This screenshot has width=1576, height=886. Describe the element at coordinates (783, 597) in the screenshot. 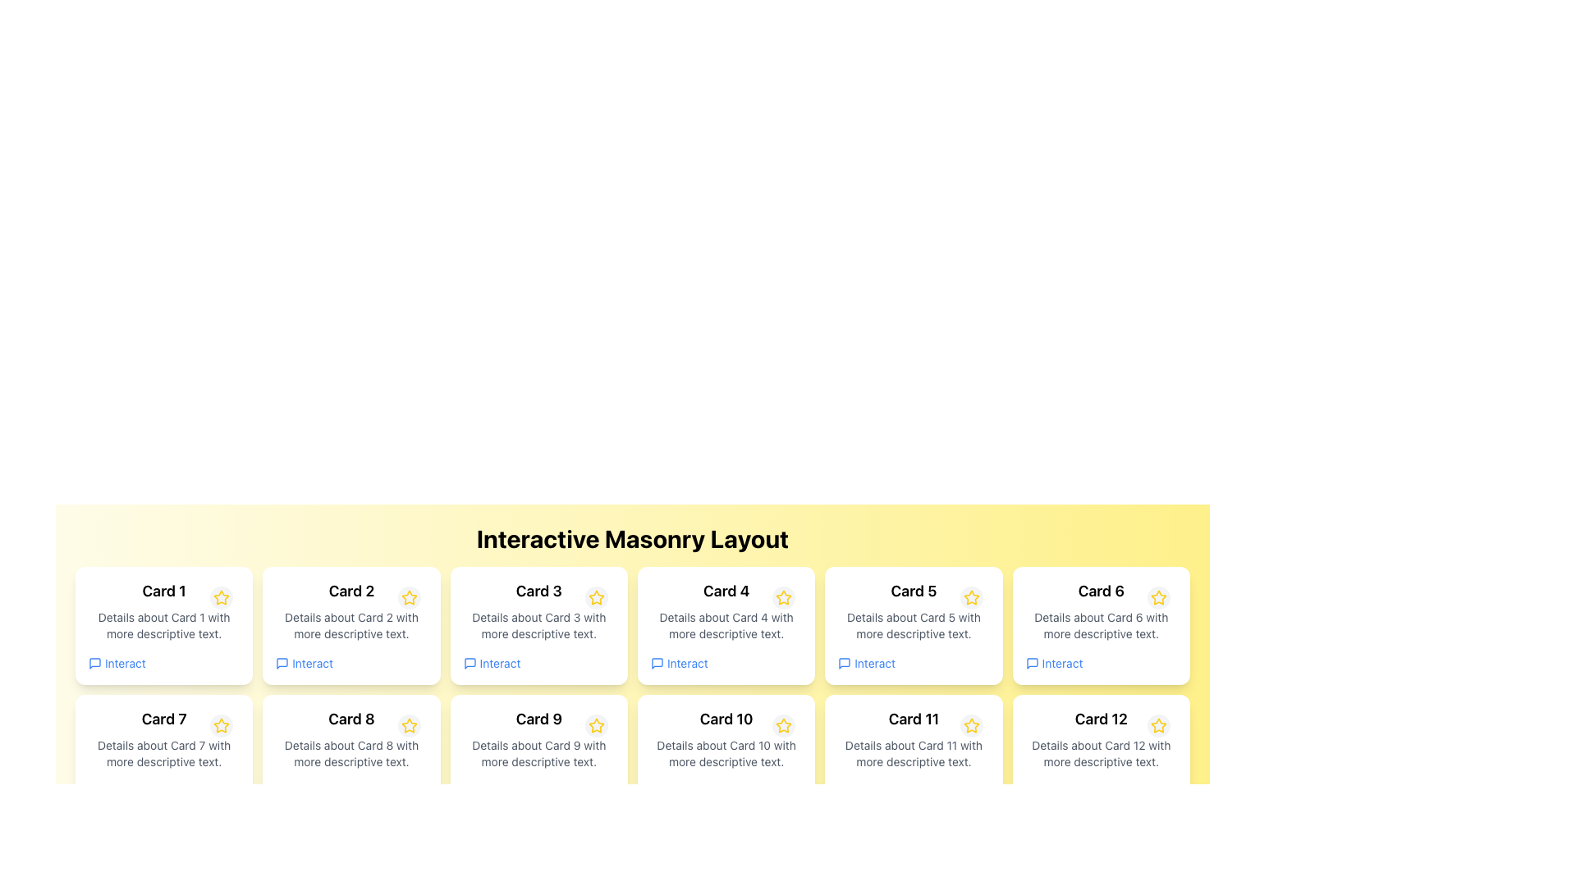

I see `the star icon with a yellow outline, located in the fourth card of the grid layout` at that location.